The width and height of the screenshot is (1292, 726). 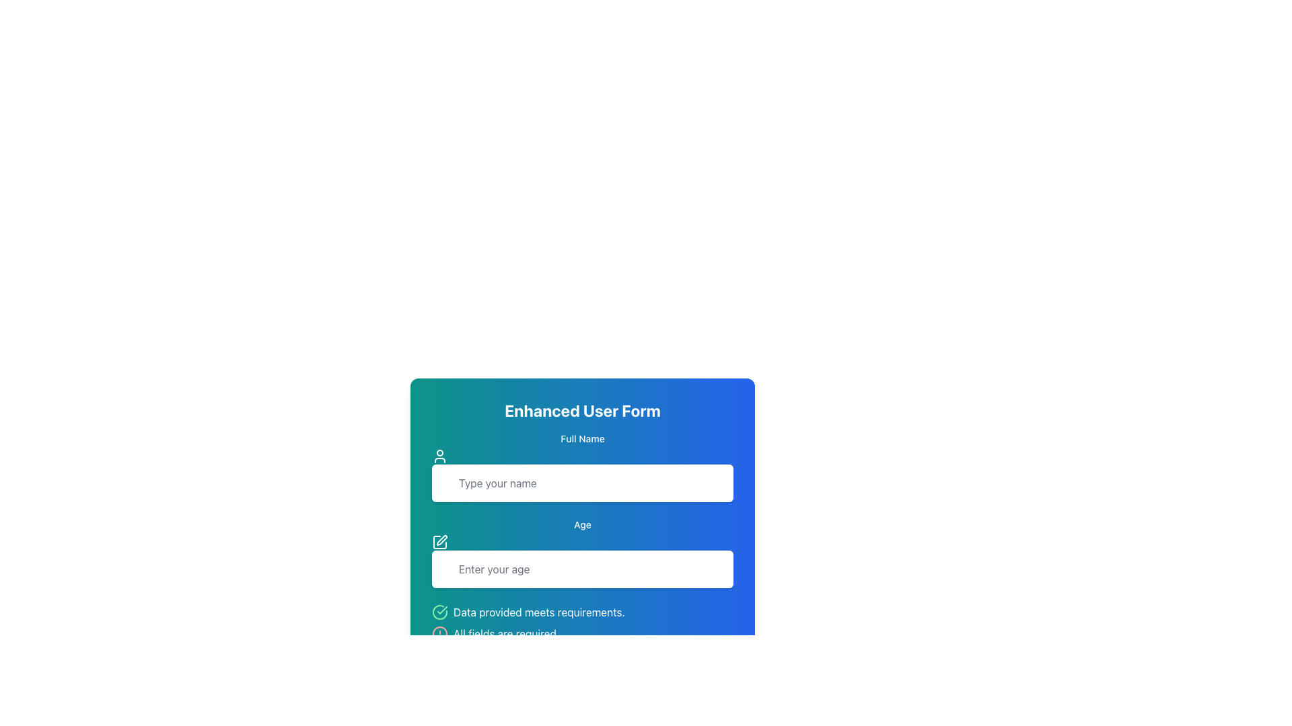 What do you see at coordinates (582, 438) in the screenshot?
I see `the text label displaying 'Full Name', which is styled with a small font size and medium weight, positioned under the title 'Enhanced User Form' in a vertically-centered layout` at bounding box center [582, 438].